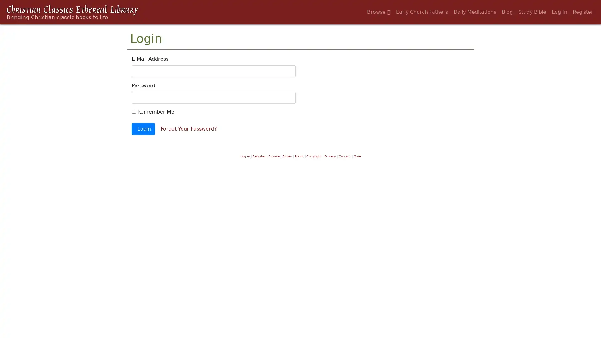 Image resolution: width=601 pixels, height=338 pixels. What do you see at coordinates (532, 12) in the screenshot?
I see `Study Bible` at bounding box center [532, 12].